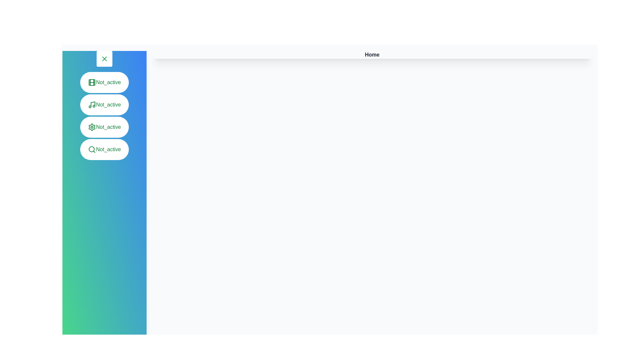 This screenshot has height=355, width=631. I want to click on the menu item Search to observe its hover effect, so click(104, 150).